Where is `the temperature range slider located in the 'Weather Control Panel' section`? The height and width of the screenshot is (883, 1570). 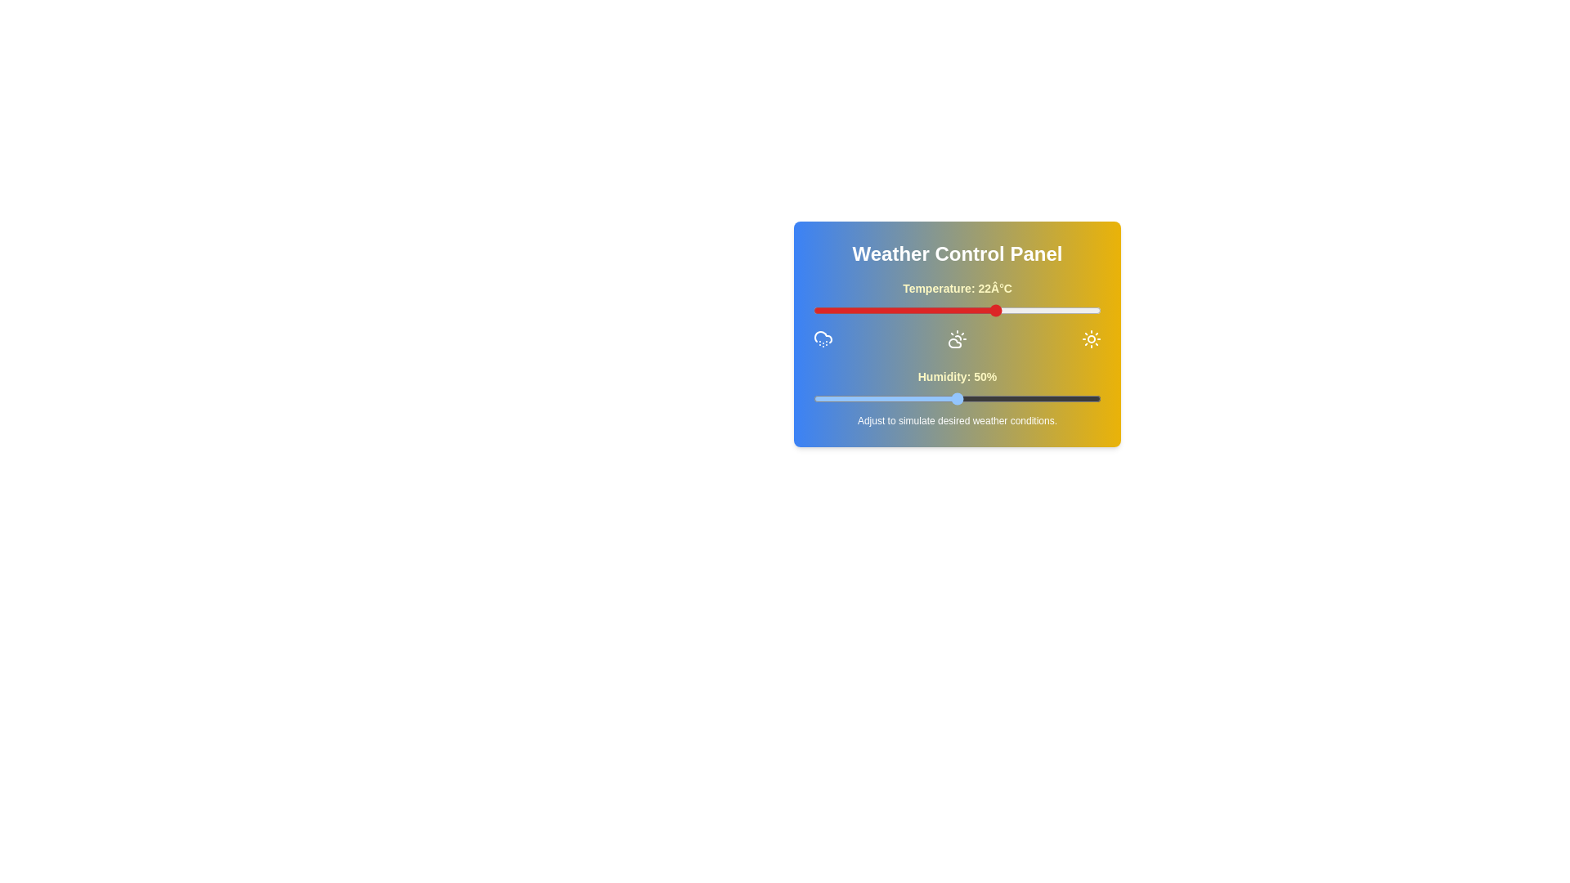 the temperature range slider located in the 'Weather Control Panel' section is located at coordinates (958, 315).